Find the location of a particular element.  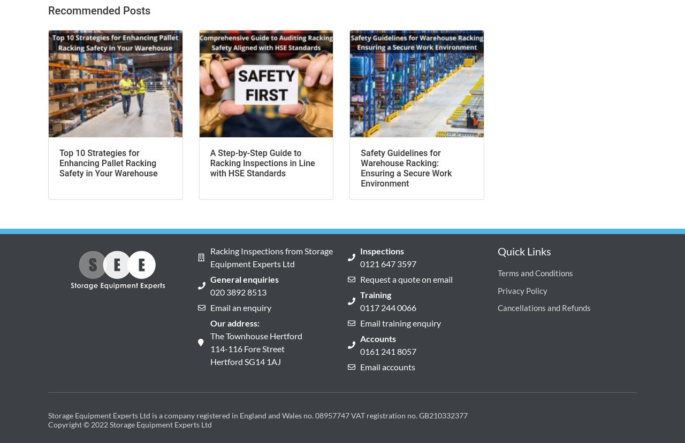

'Copyright © 2022 Storage Equipment Experts Ltd' is located at coordinates (129, 424).